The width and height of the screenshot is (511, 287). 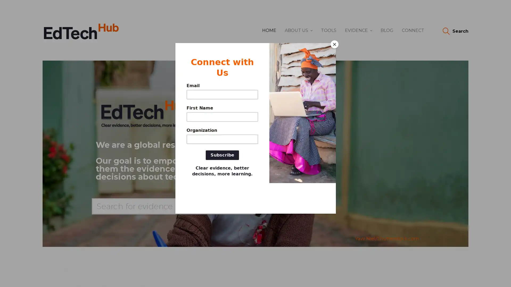 I want to click on Search, so click(x=455, y=31).